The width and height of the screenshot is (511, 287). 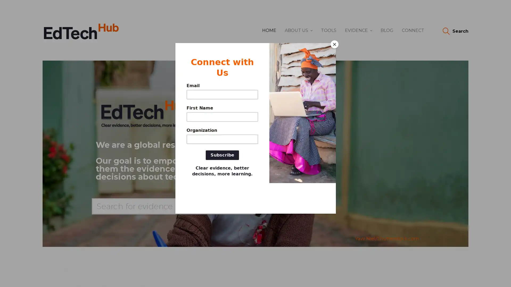 I want to click on Search, so click(x=455, y=31).